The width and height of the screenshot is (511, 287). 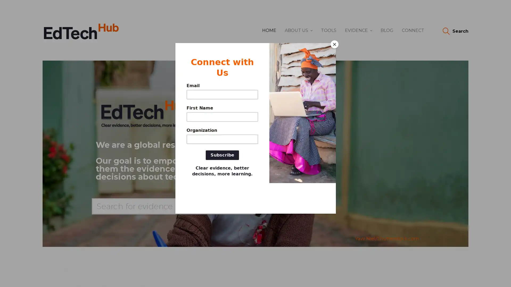 I want to click on Search, so click(x=455, y=31).